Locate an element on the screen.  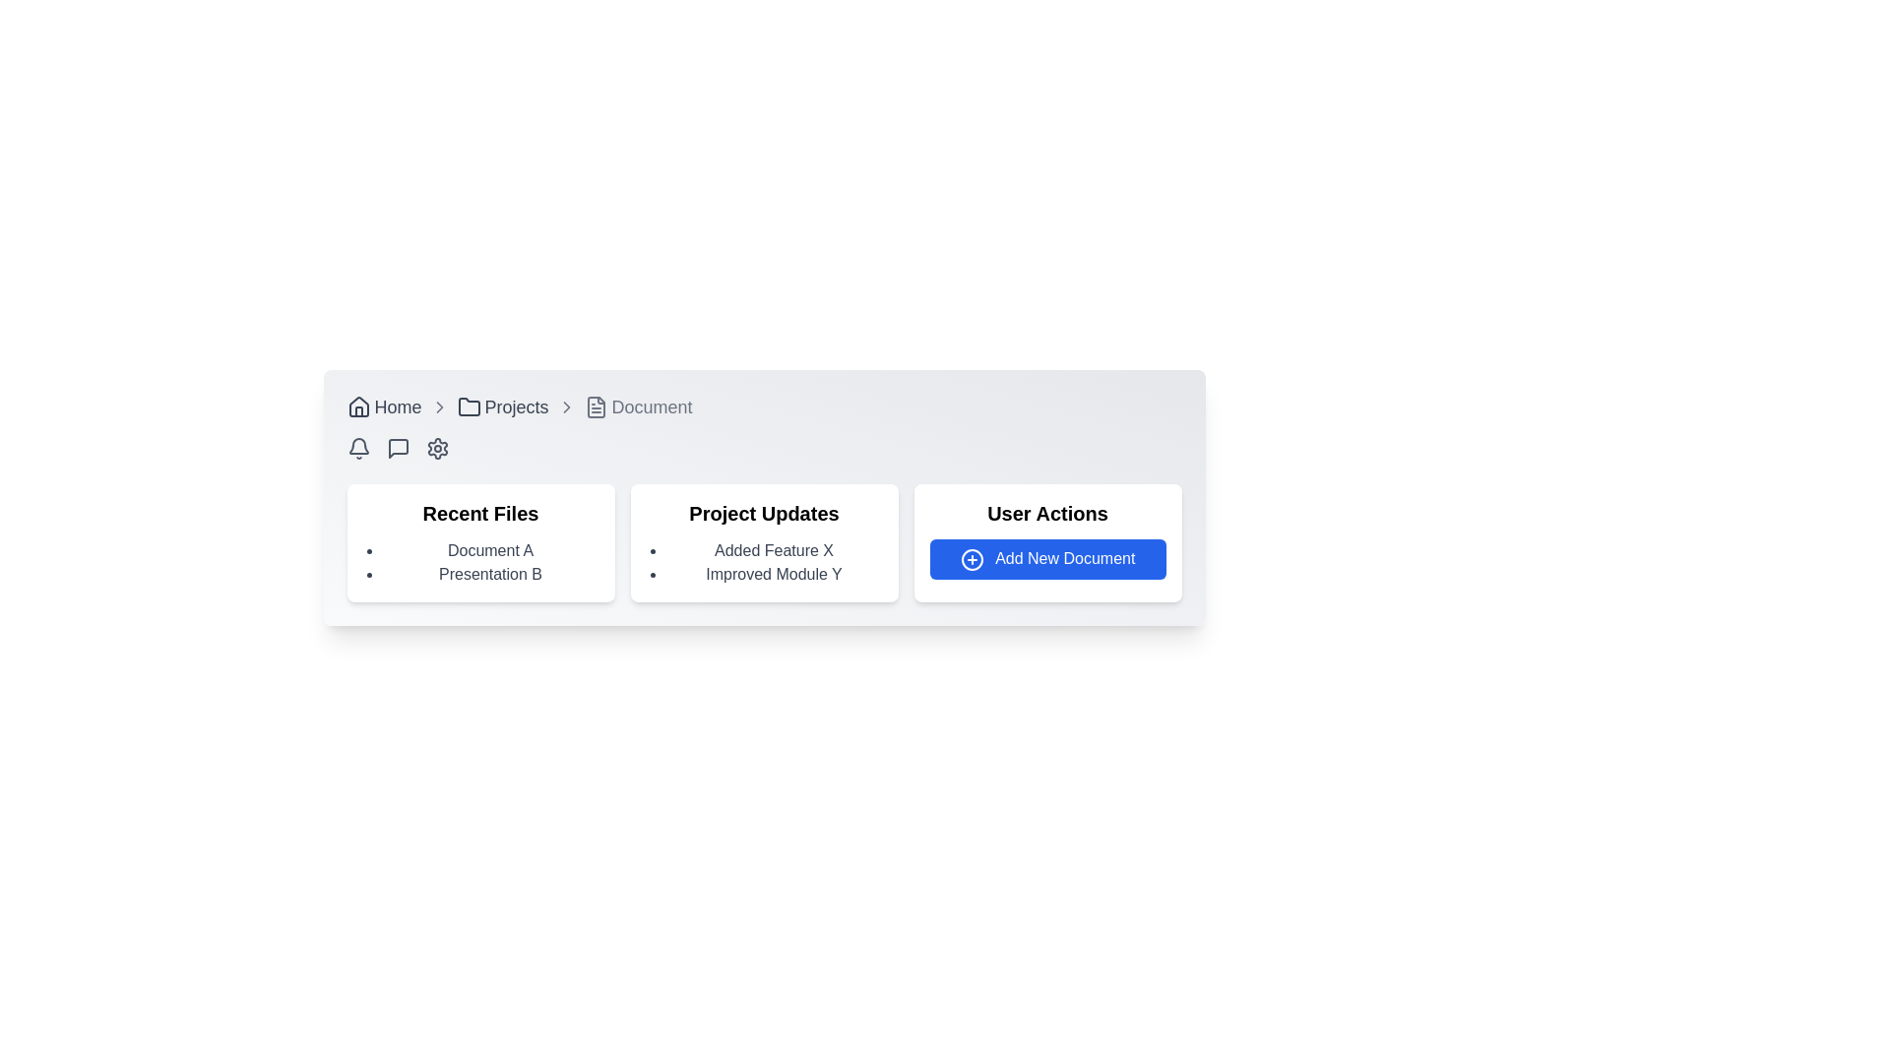
the circular vector graphic icon that signifies the addition or creation of new items, located to the left of the 'Add New Document' button in the 'User Actions' section is located at coordinates (972, 559).